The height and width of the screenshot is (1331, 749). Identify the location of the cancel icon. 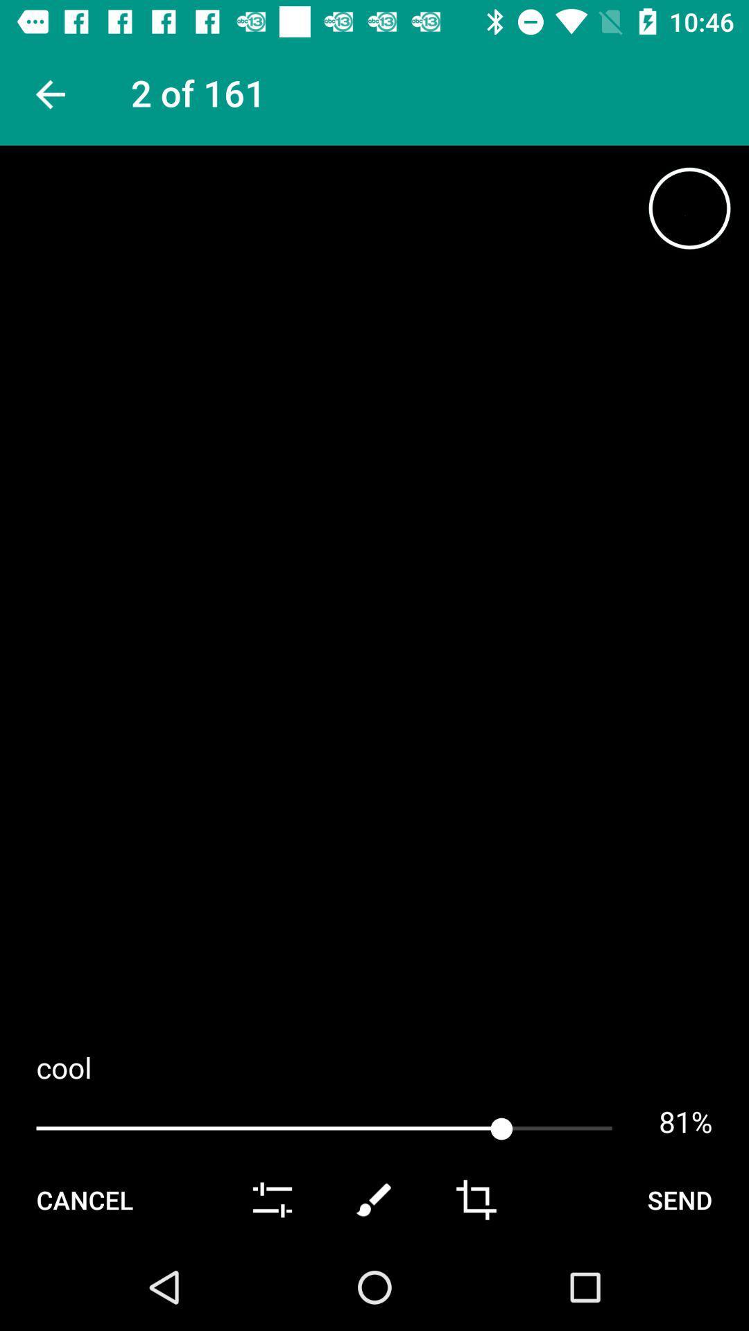
(85, 1199).